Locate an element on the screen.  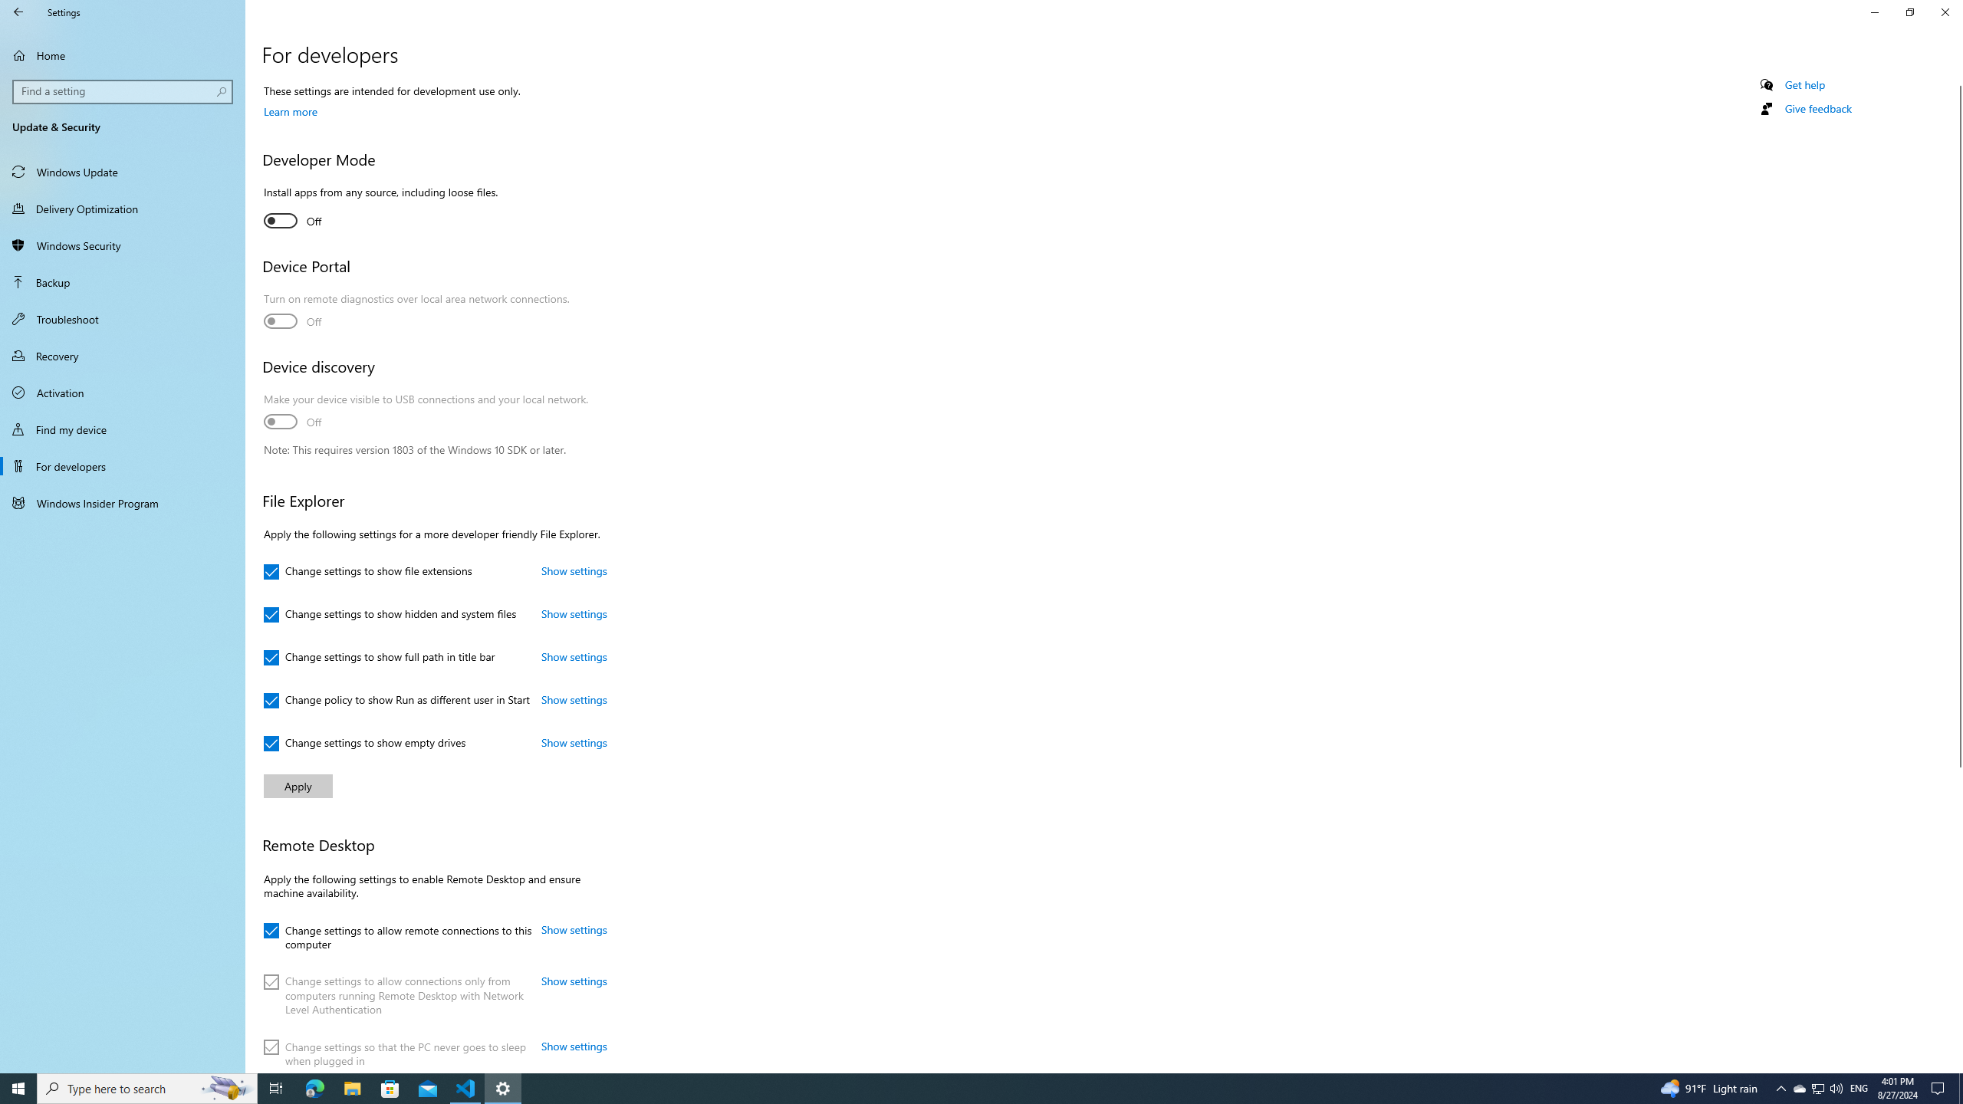
'Close Settings' is located at coordinates (1944, 11).